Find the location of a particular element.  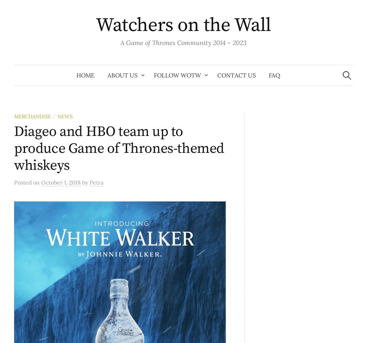

'About Us' is located at coordinates (107, 75).